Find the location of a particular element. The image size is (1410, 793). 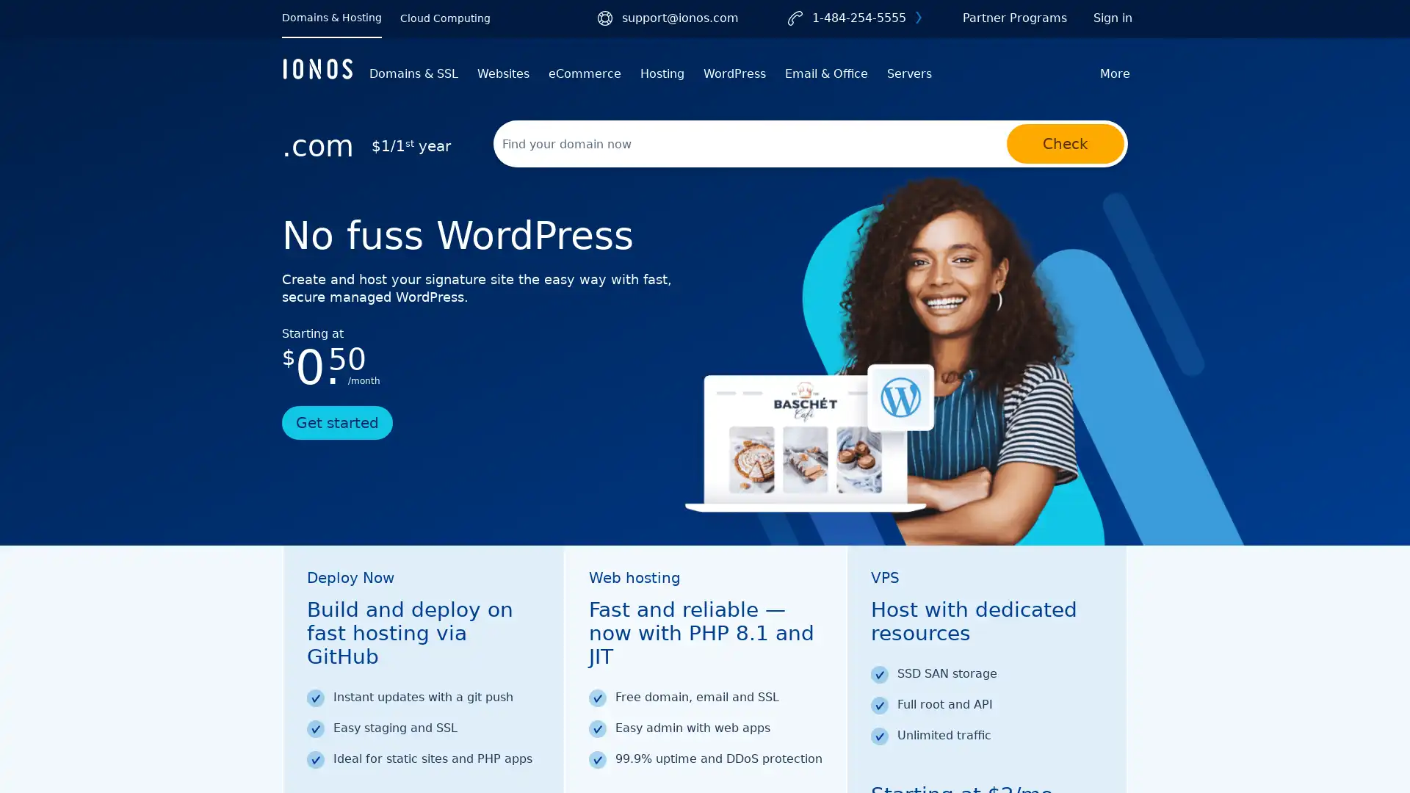

Domains & SSL is located at coordinates (413, 73).